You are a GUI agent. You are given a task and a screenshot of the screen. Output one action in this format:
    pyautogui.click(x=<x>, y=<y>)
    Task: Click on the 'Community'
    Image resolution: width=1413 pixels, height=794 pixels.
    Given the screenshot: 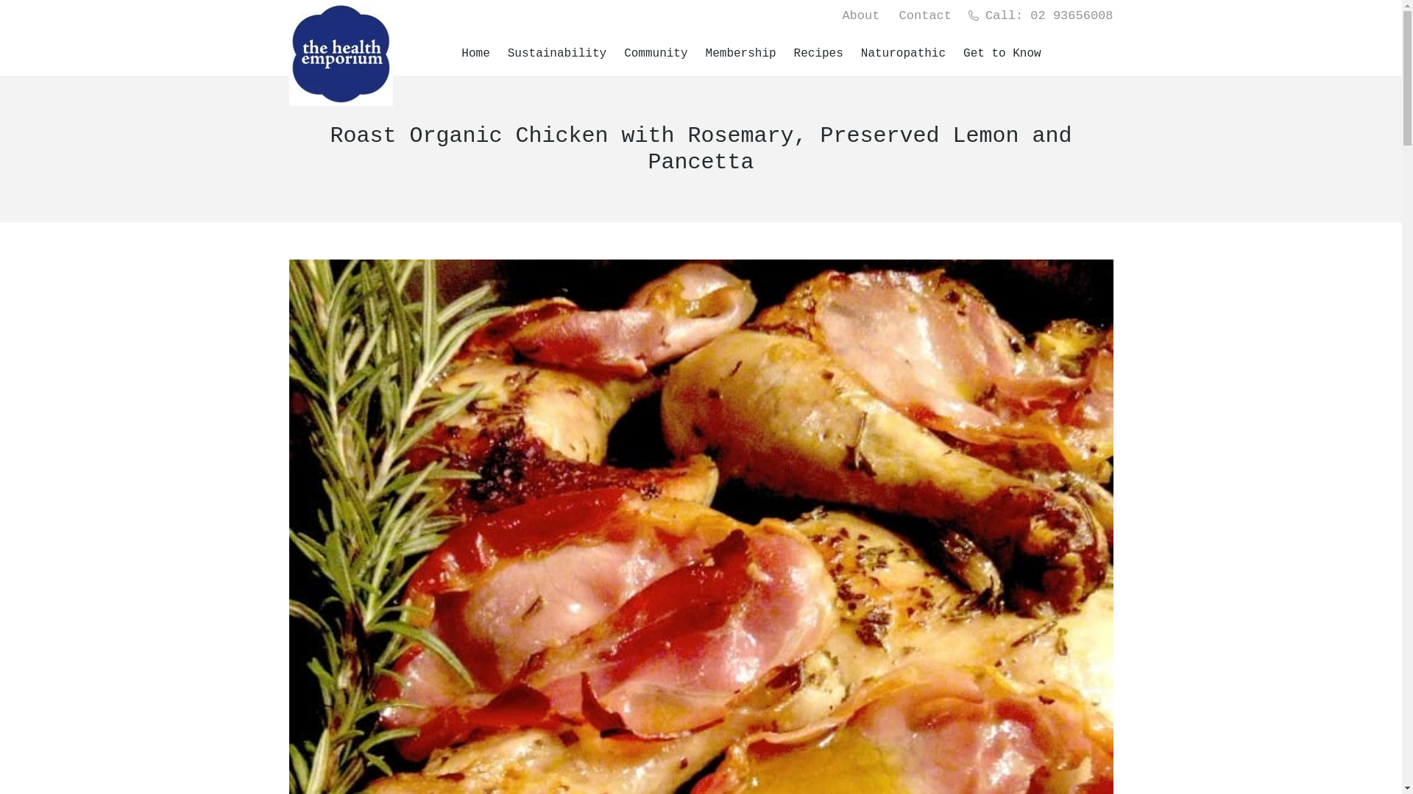 What is the action you would take?
    pyautogui.click(x=656, y=53)
    